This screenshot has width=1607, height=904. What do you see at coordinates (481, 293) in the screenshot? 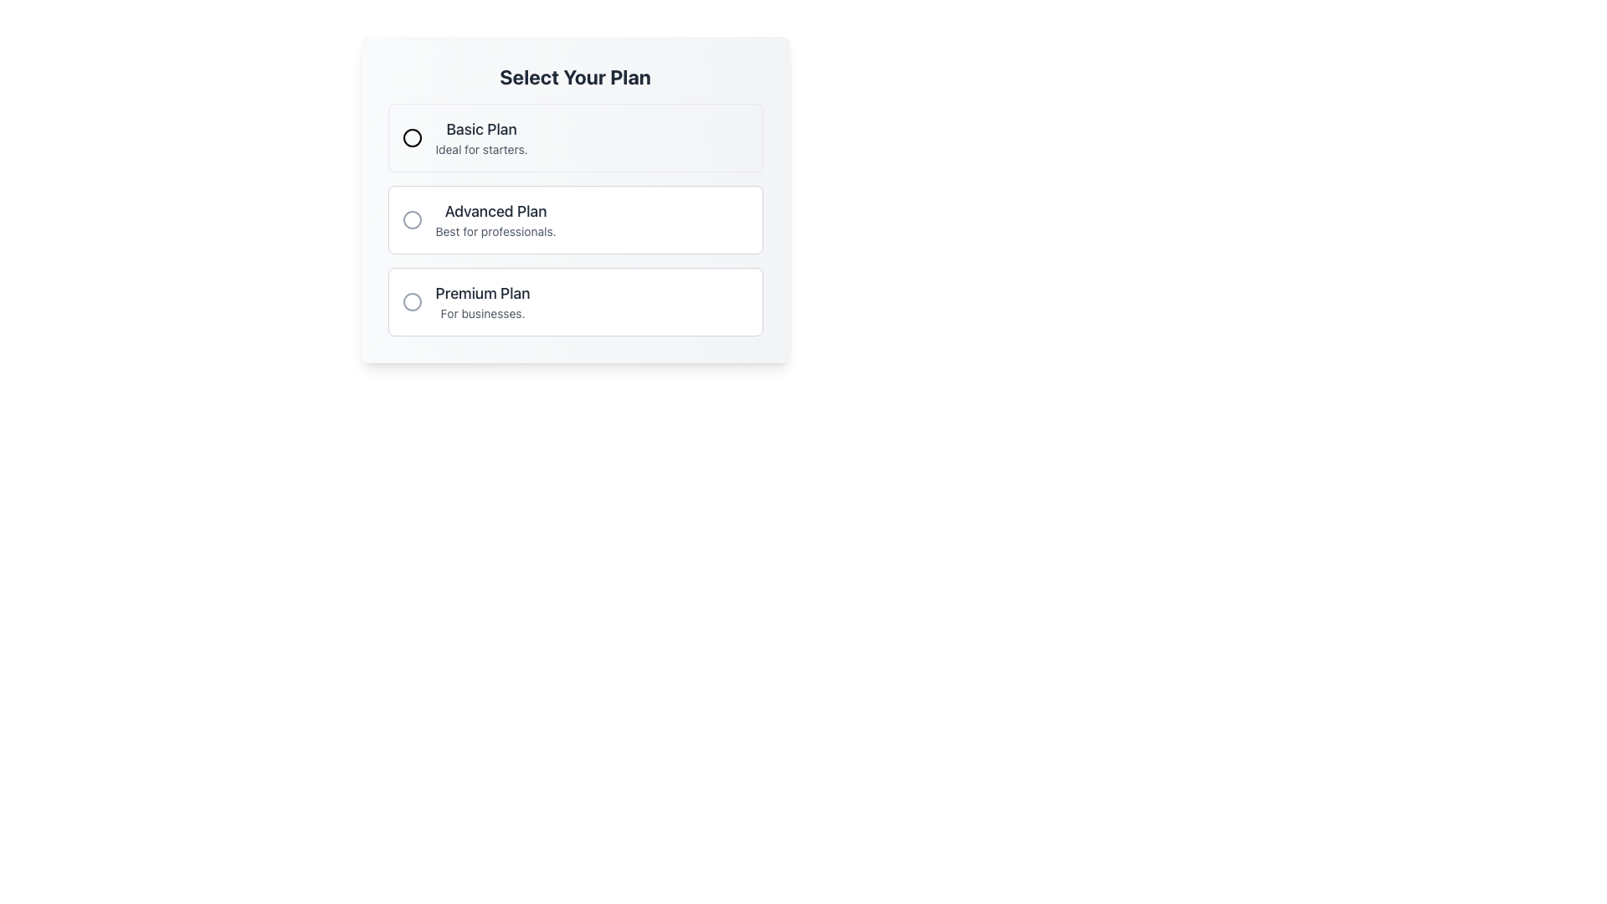
I see `the static text label displaying 'Premium Plan', which is bold and dark gray, located within the plan selection list above the description text 'For businesses.'` at bounding box center [481, 293].